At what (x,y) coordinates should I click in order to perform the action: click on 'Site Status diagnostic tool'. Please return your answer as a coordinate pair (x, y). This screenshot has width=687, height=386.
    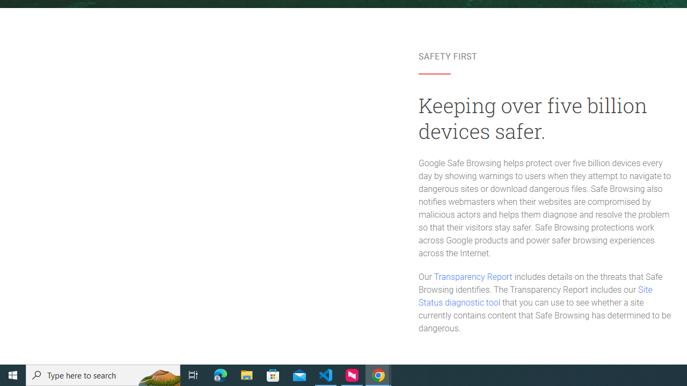
    Looking at the image, I should click on (535, 296).